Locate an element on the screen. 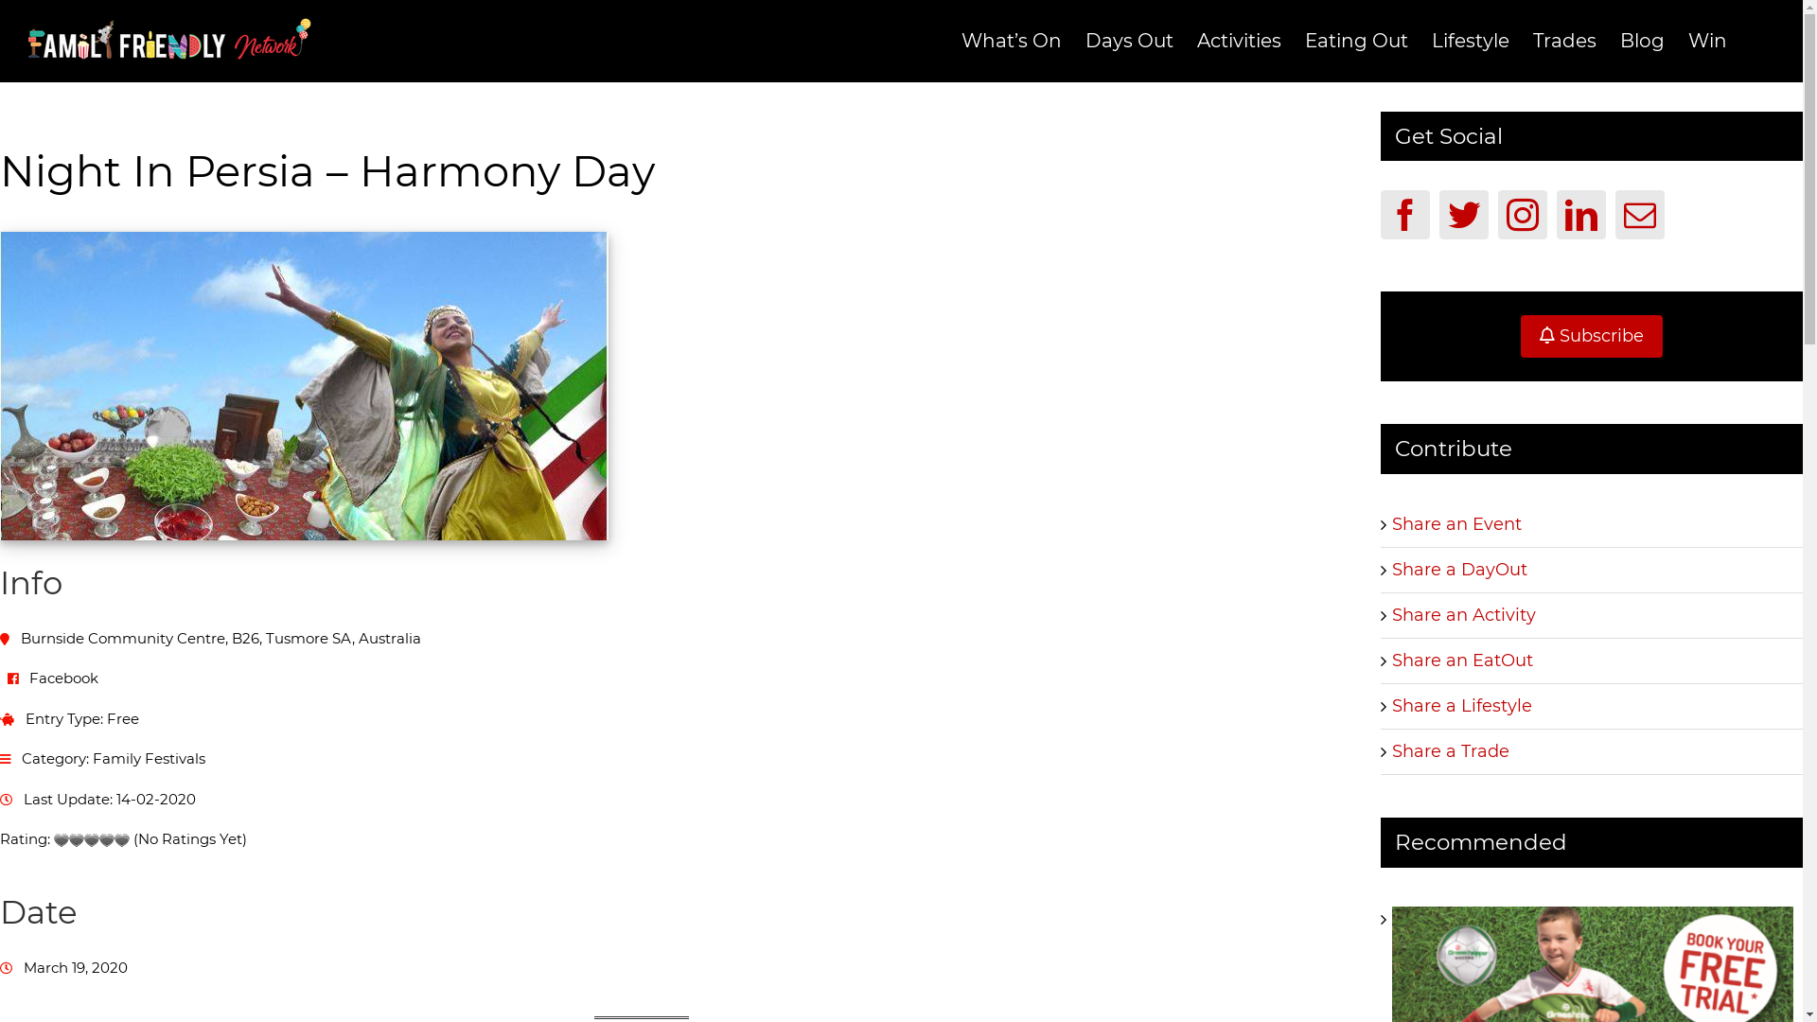 Image resolution: width=1817 pixels, height=1022 pixels. 'Share a DayOut' is located at coordinates (1458, 568).